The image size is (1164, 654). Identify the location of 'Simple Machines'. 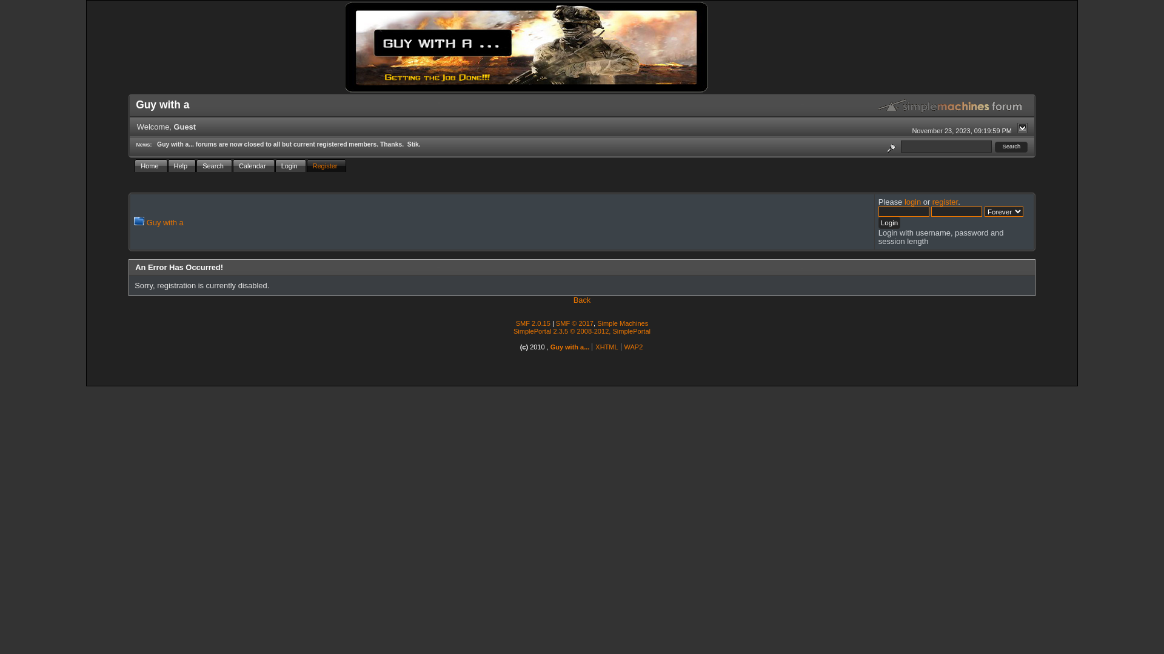
(623, 322).